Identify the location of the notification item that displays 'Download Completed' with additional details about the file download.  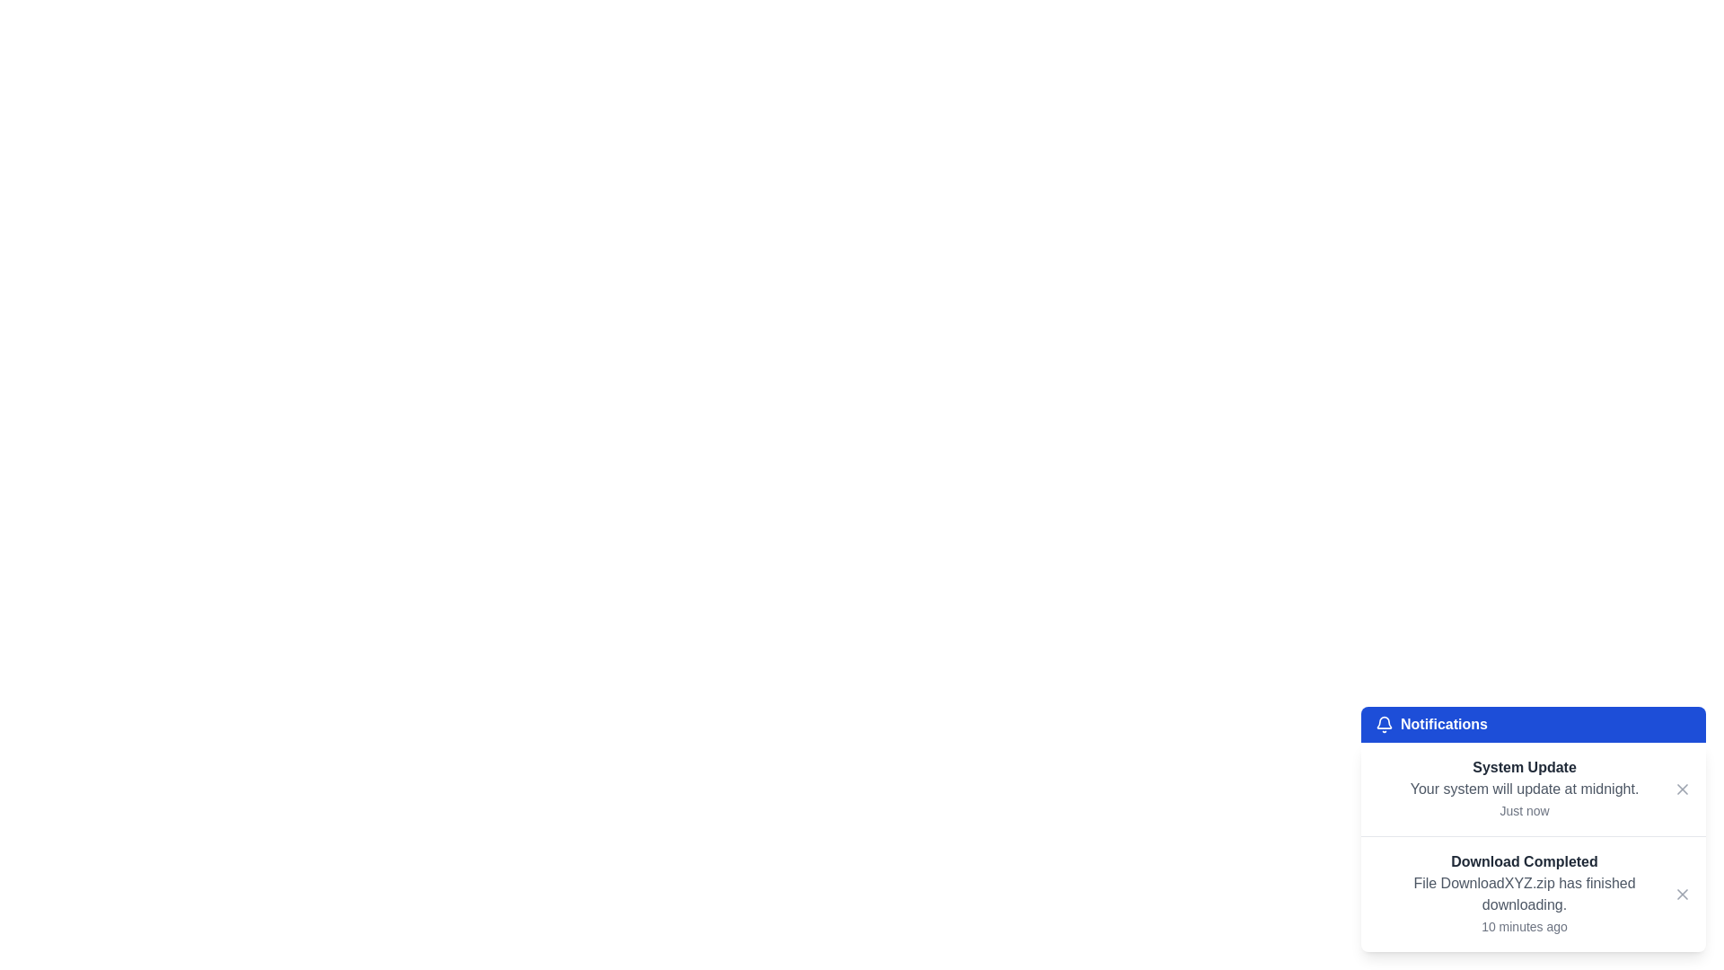
(1524, 894).